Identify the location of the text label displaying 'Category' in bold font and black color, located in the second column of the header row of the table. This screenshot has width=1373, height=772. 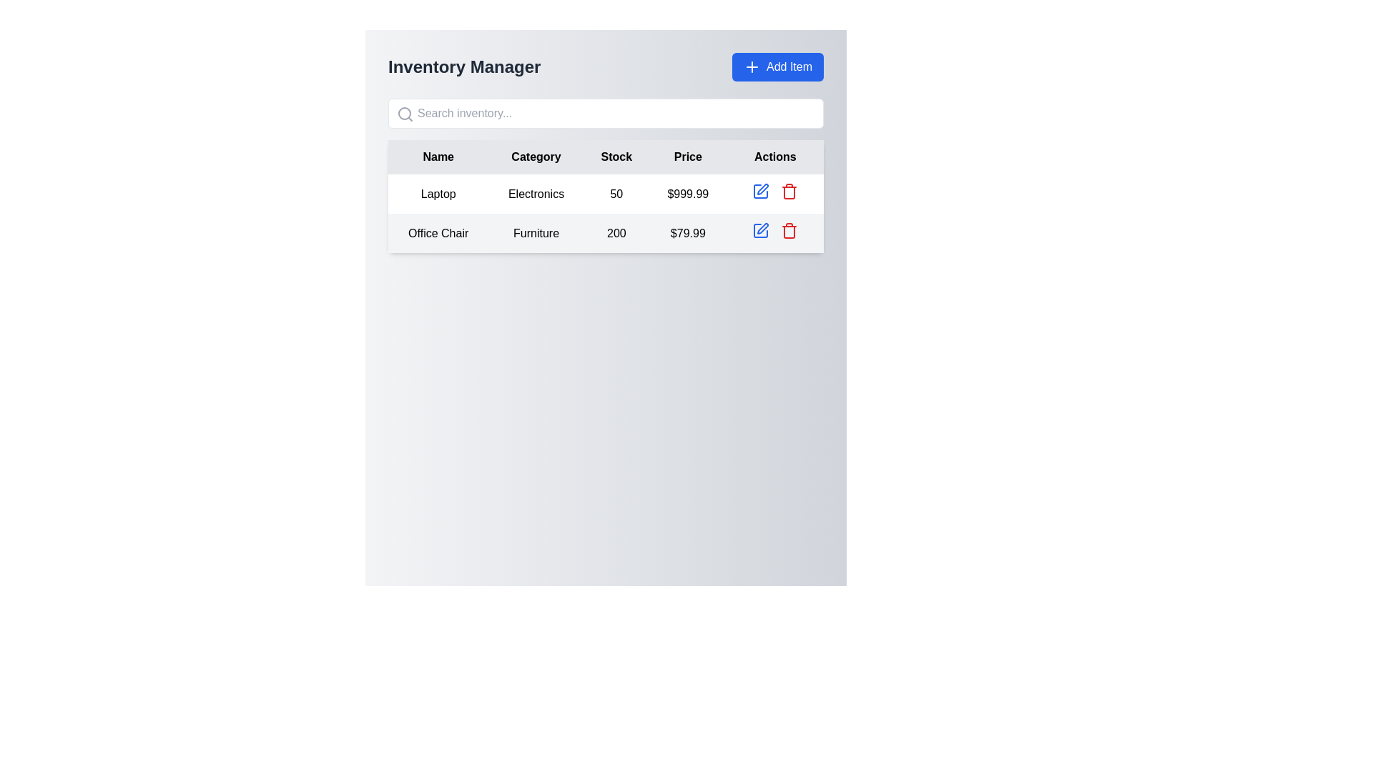
(536, 157).